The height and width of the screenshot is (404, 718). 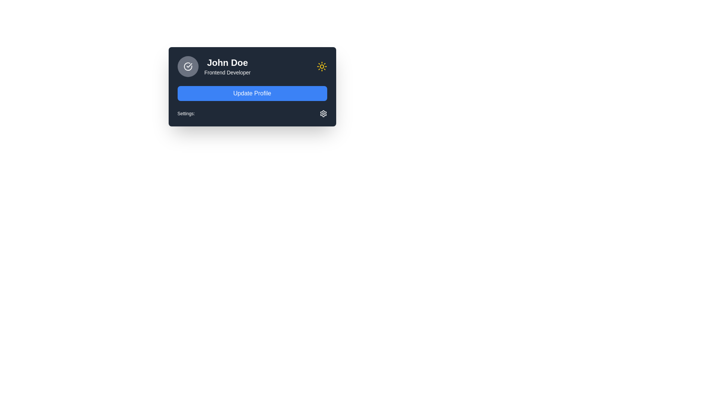 I want to click on the text label displaying the user's name, located at the top center of the card-like UI component, above the sibling text 'Frontend Developer', so click(x=227, y=62).